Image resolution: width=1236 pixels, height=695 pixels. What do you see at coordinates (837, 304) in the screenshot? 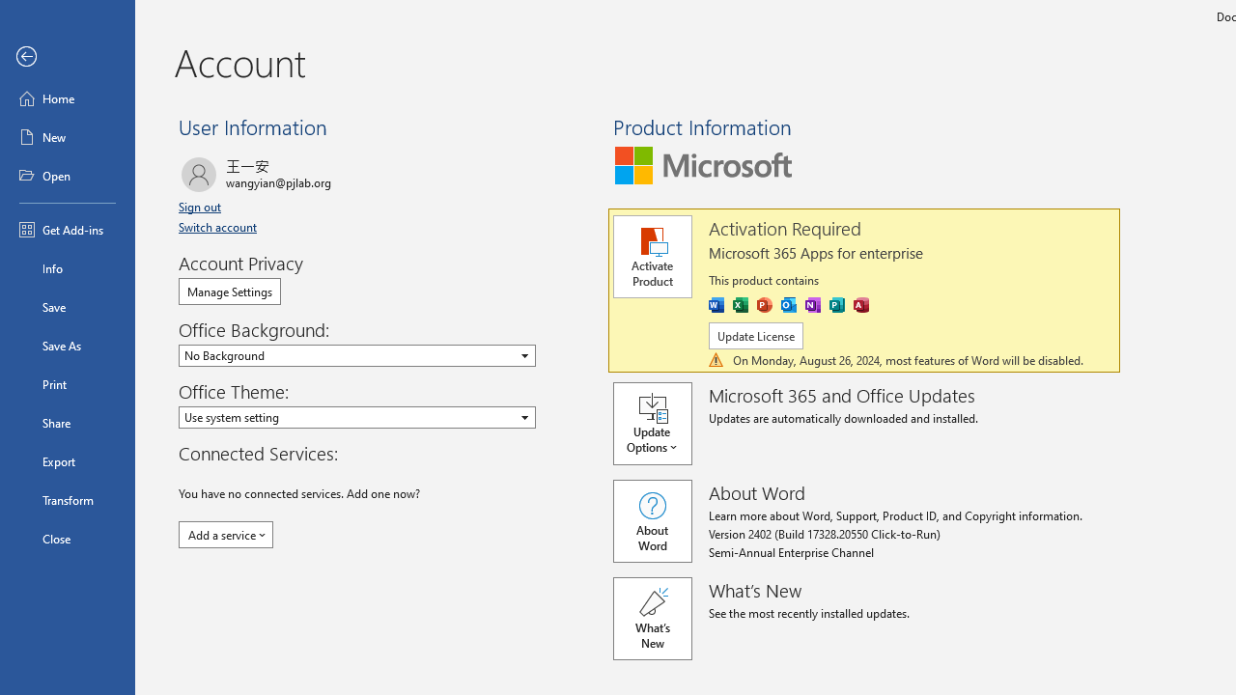
I see `'Publisher'` at bounding box center [837, 304].